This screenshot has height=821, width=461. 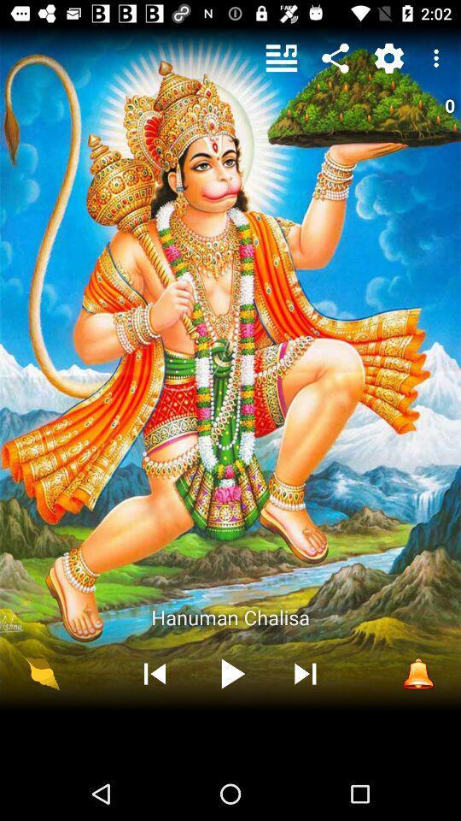 I want to click on the play icon, so click(x=230, y=674).